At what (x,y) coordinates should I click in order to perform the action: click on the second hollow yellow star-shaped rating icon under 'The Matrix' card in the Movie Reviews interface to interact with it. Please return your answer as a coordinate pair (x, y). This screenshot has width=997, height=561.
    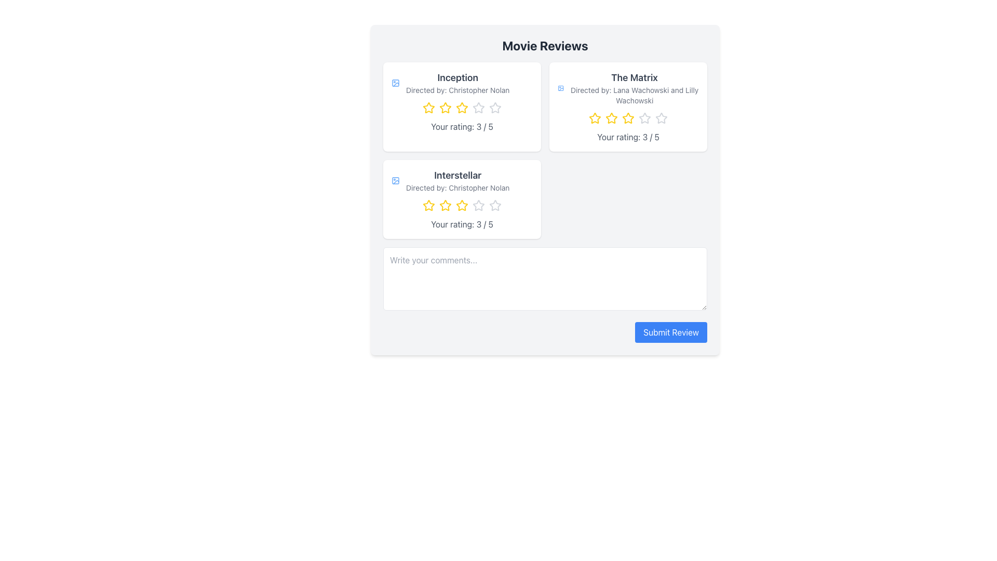
    Looking at the image, I should click on (611, 117).